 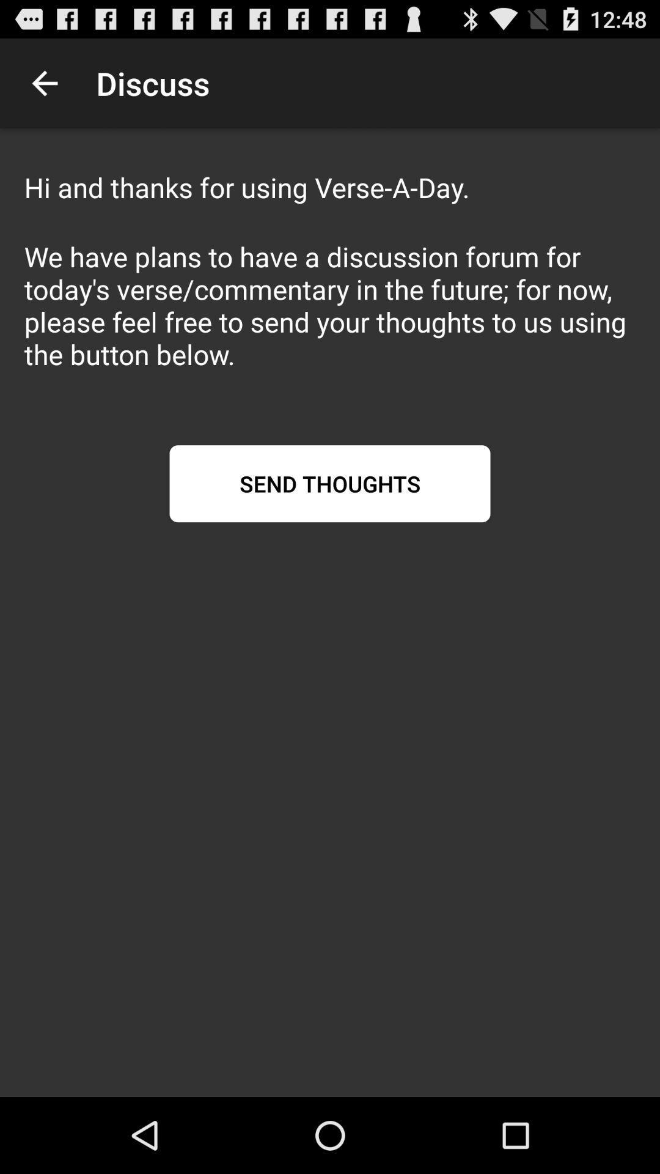 I want to click on app to the left of discuss item, so click(x=44, y=83).